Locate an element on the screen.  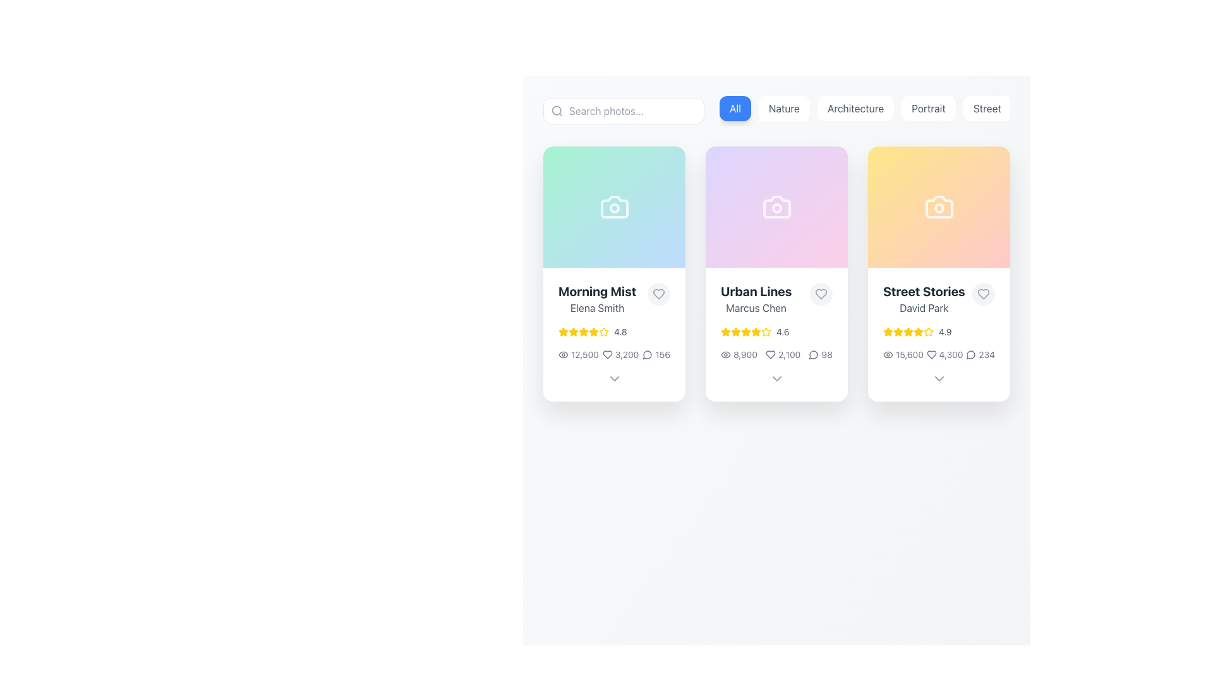
the second card is located at coordinates (776, 273).